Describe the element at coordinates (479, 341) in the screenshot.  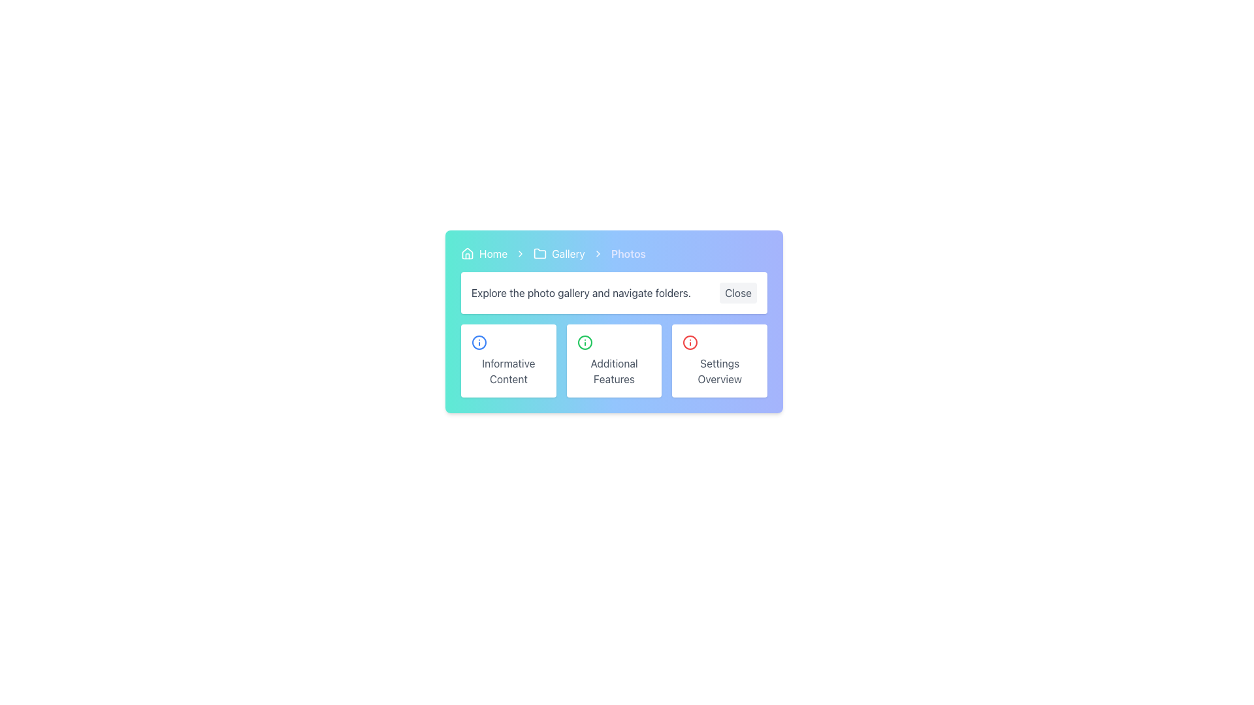
I see `the information icon located in the upper-left corner of the 'Informative Content' card` at that location.